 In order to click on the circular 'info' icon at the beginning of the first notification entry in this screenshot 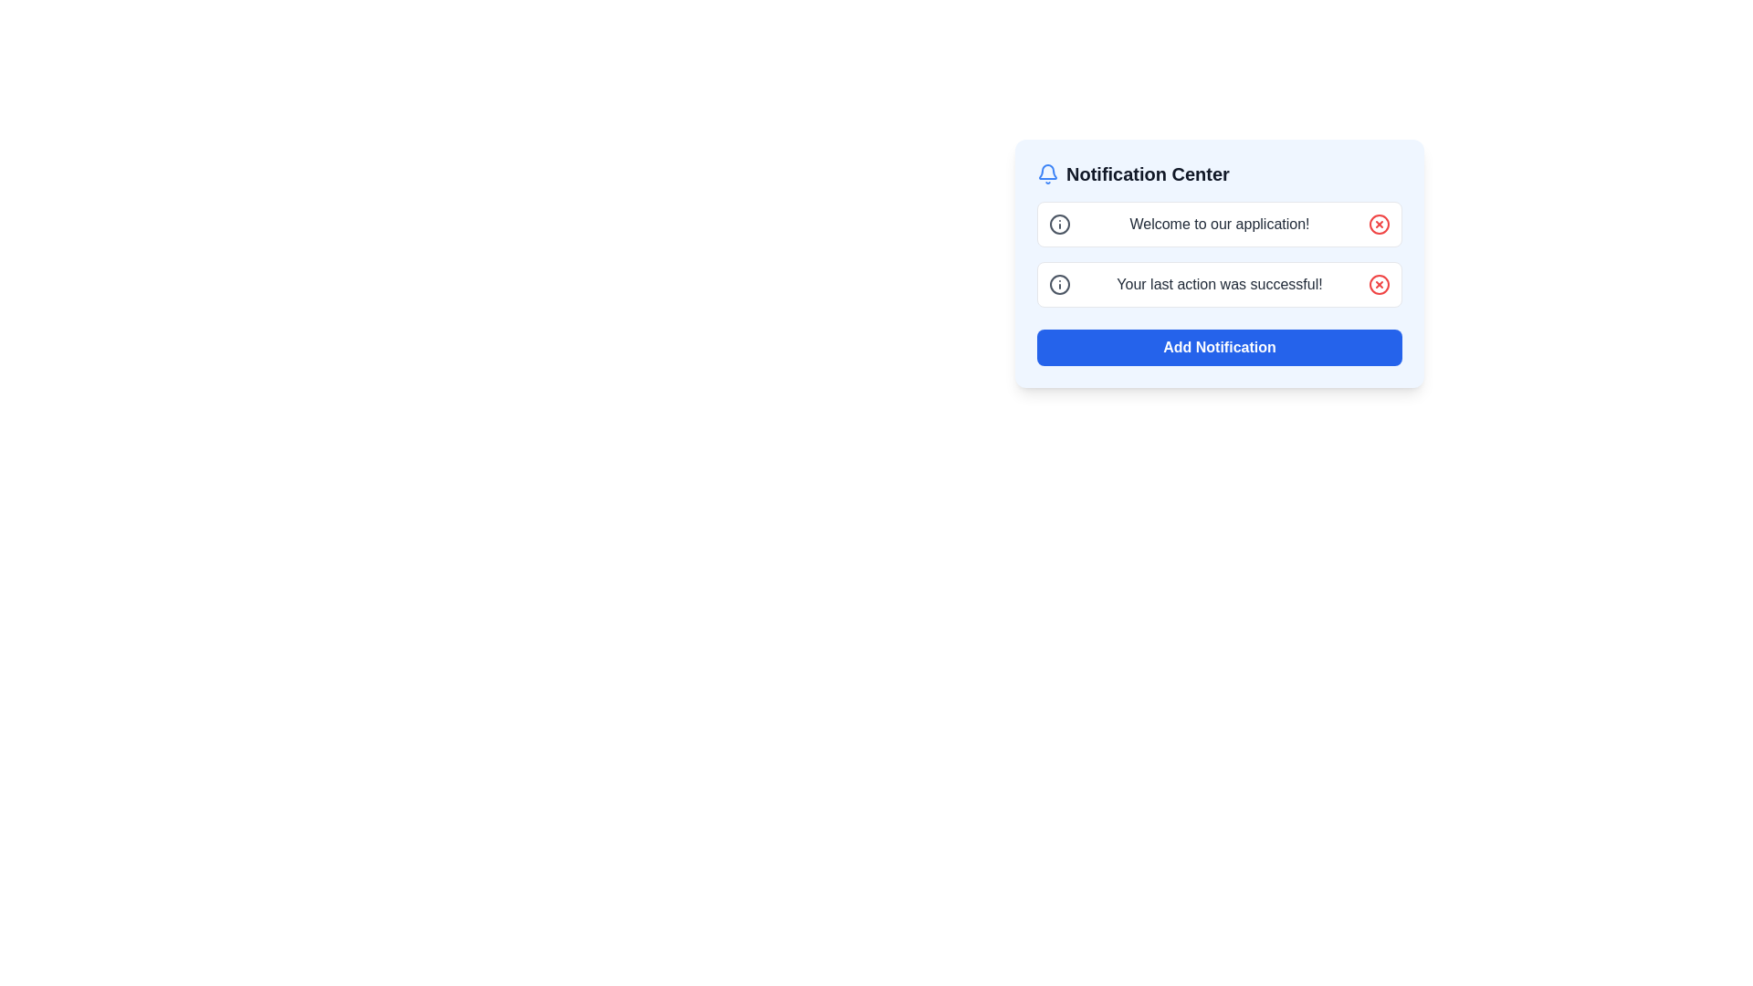, I will do `click(1060, 224)`.